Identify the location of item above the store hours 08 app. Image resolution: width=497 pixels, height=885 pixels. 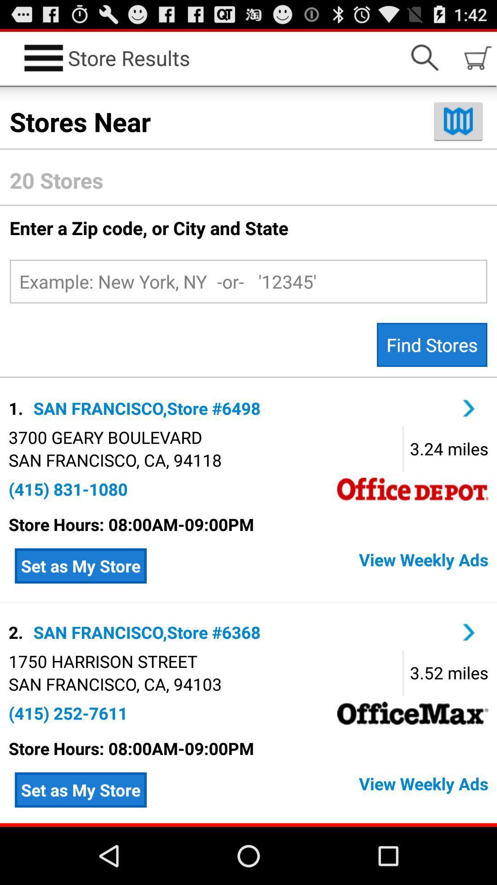
(68, 489).